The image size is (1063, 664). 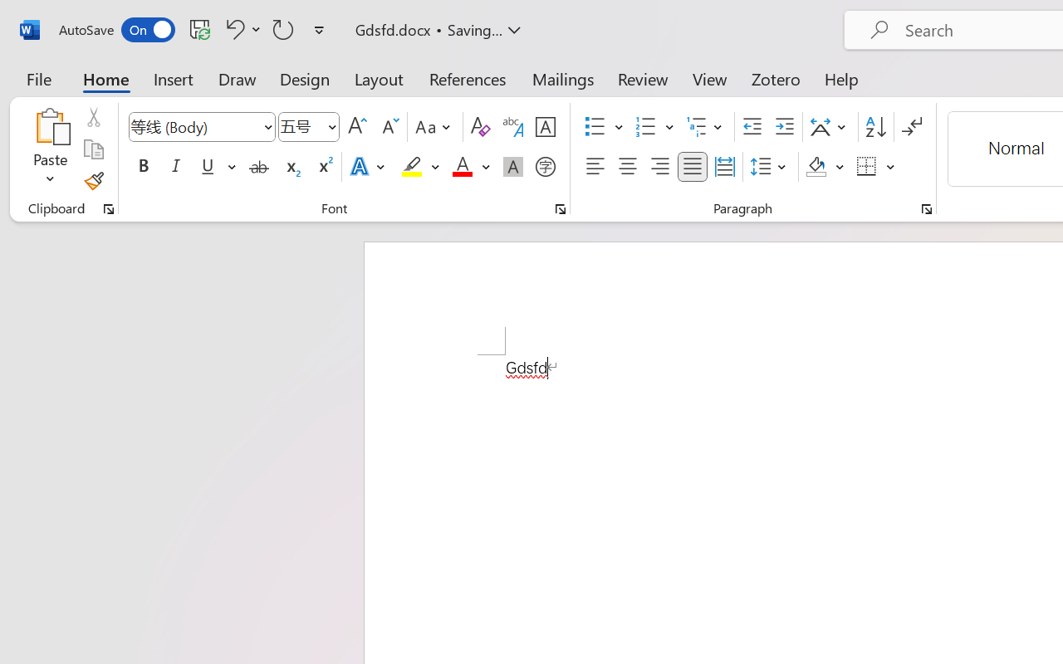 I want to click on 'Superscript', so click(x=324, y=167).